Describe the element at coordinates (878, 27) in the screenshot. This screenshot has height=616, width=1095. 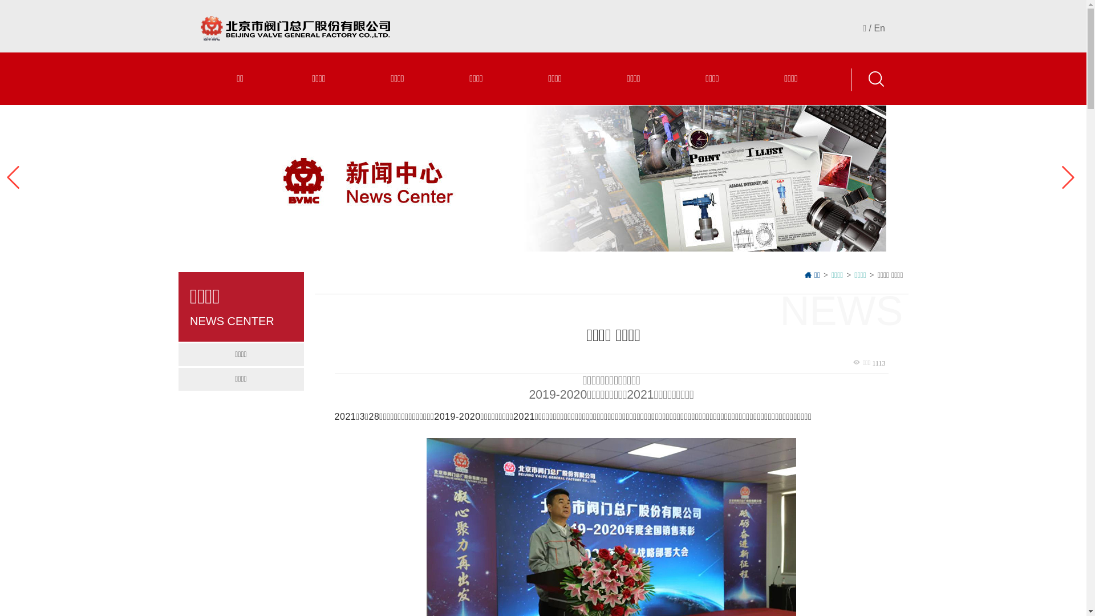
I see `'En'` at that location.